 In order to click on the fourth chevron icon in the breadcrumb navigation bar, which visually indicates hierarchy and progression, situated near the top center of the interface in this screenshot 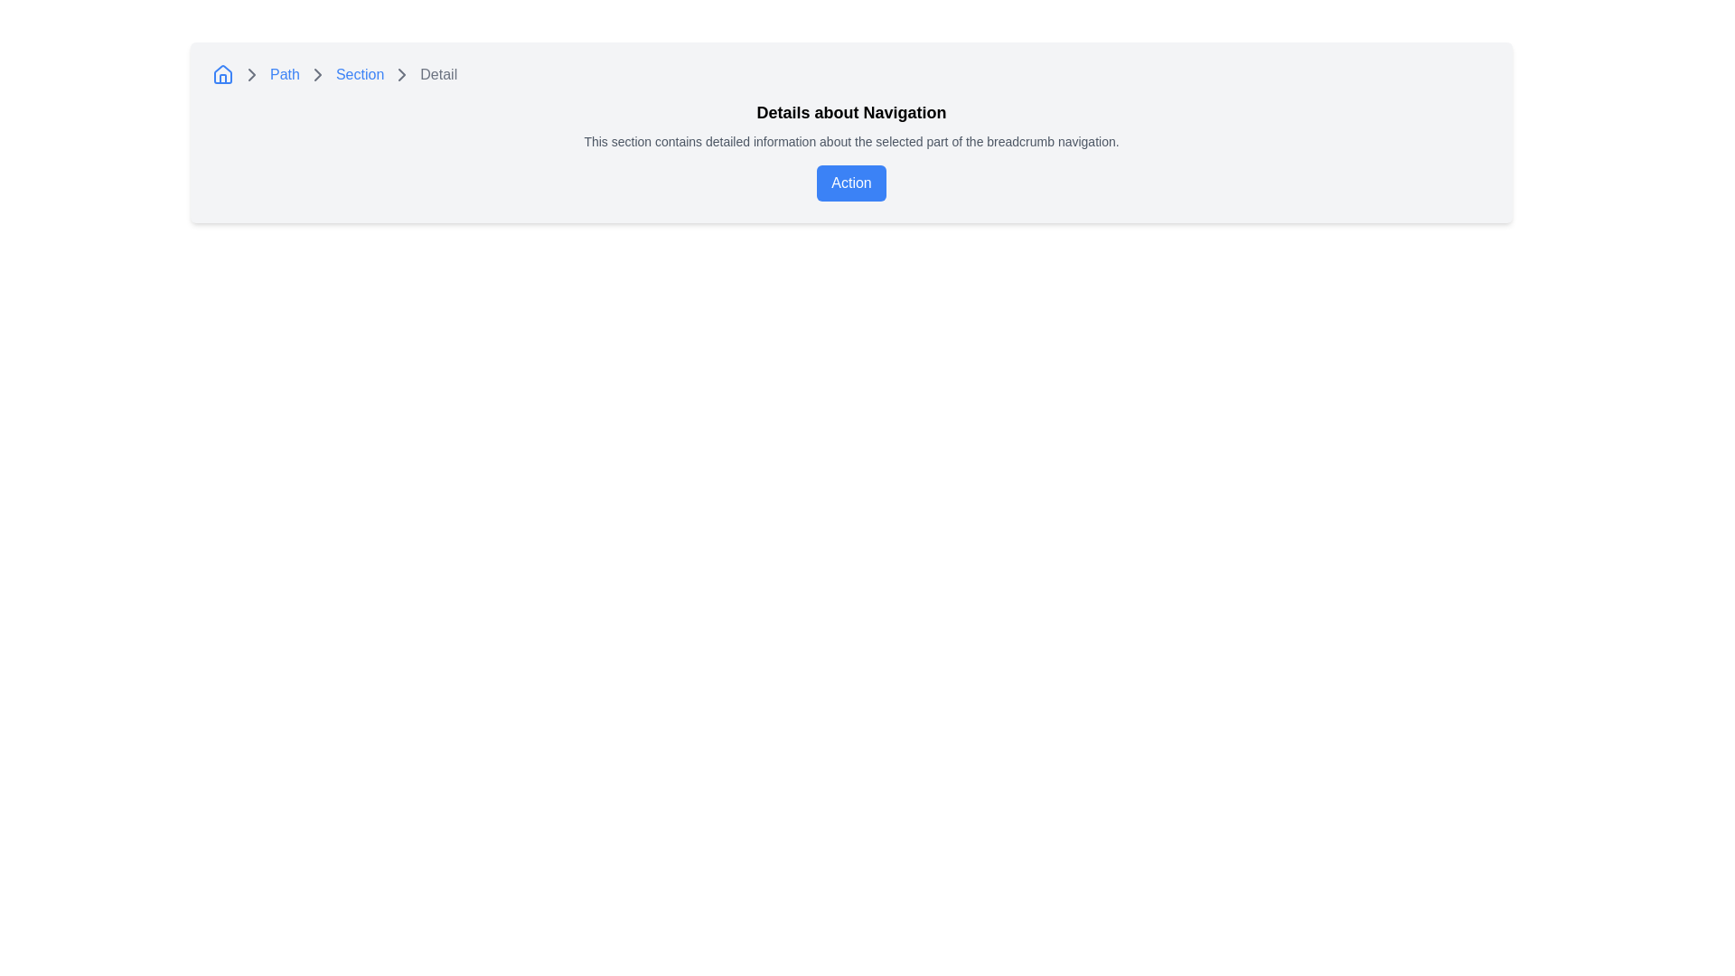, I will do `click(401, 74)`.